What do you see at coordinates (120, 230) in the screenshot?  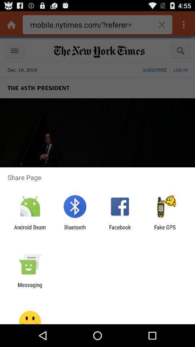 I see `the icon to the right of the bluetooth icon` at bounding box center [120, 230].